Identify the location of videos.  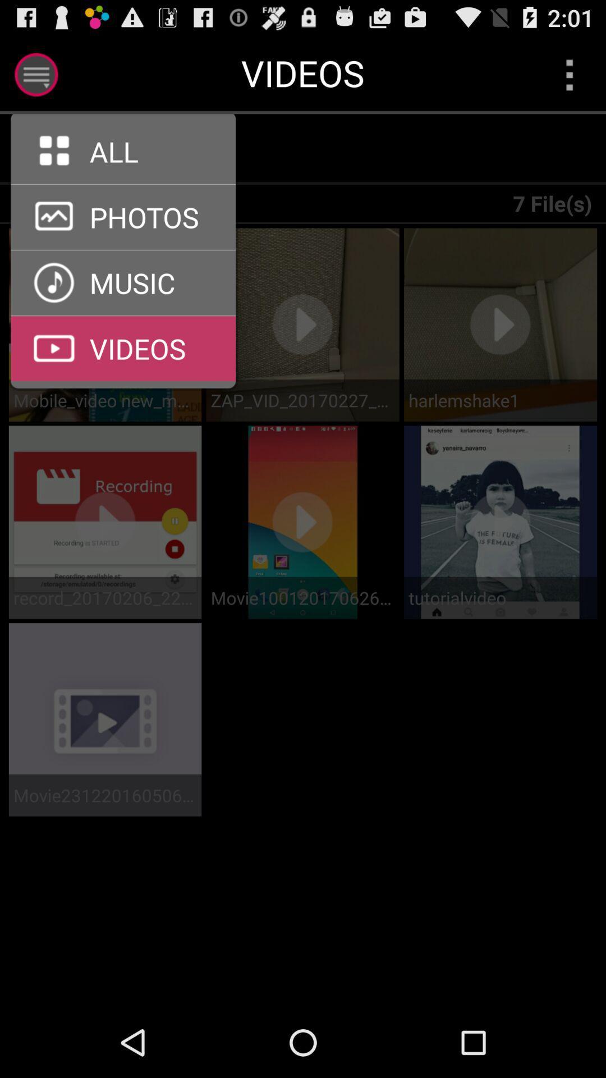
(123, 315).